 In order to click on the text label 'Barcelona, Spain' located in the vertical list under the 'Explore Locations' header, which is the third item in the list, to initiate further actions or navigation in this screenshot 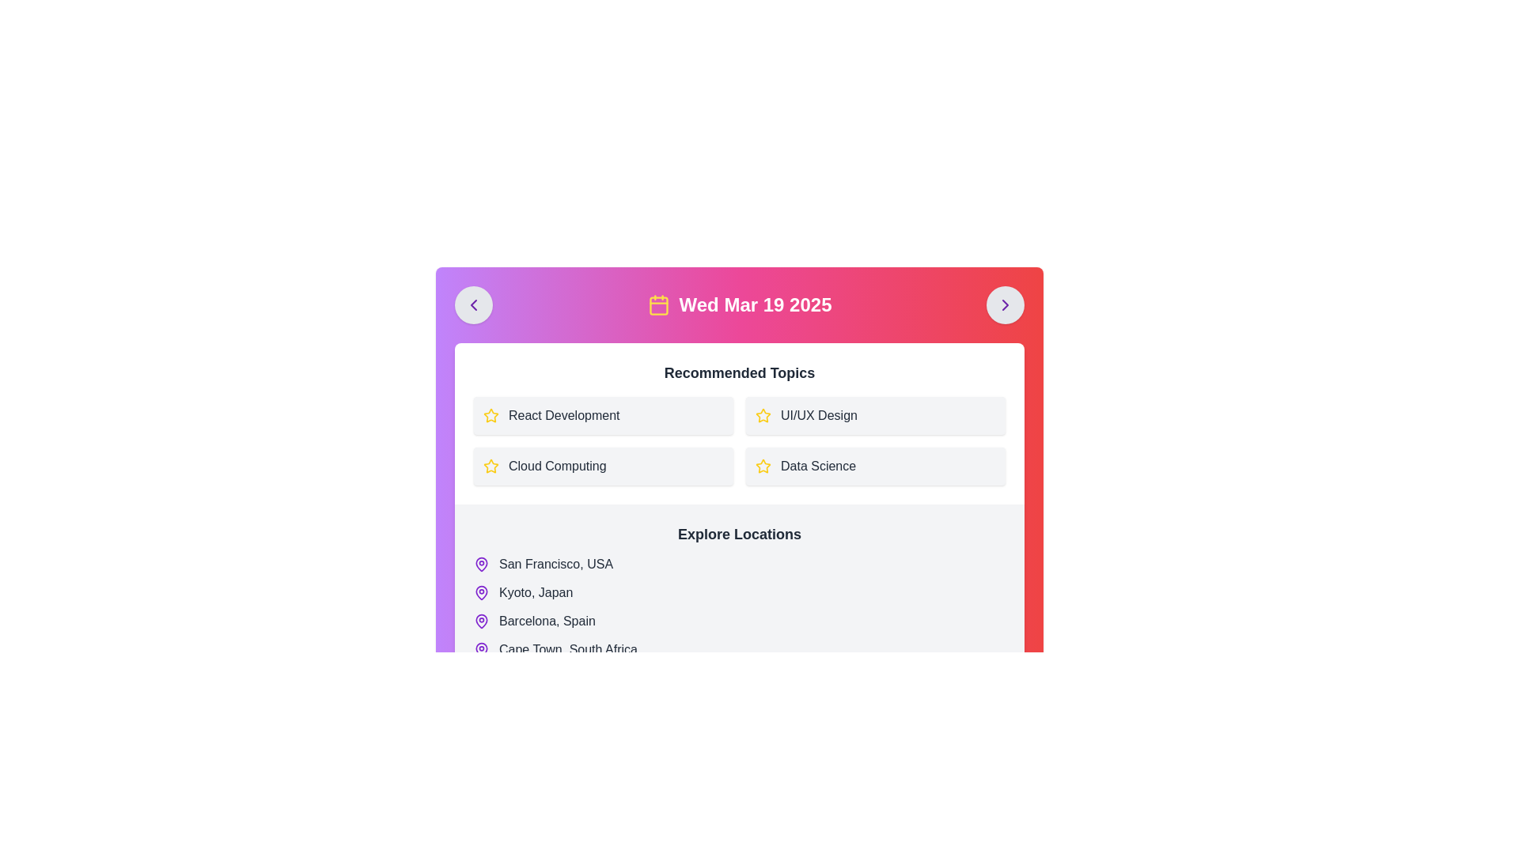, I will do `click(547, 621)`.